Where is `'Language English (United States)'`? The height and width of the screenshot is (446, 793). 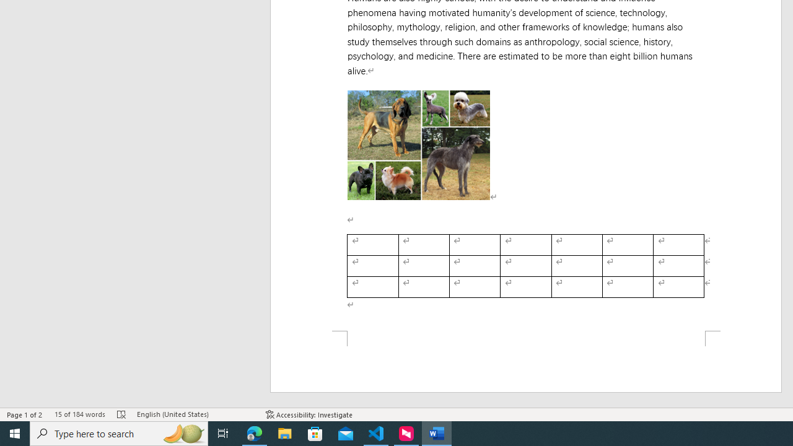
'Language English (United States)' is located at coordinates (195, 414).